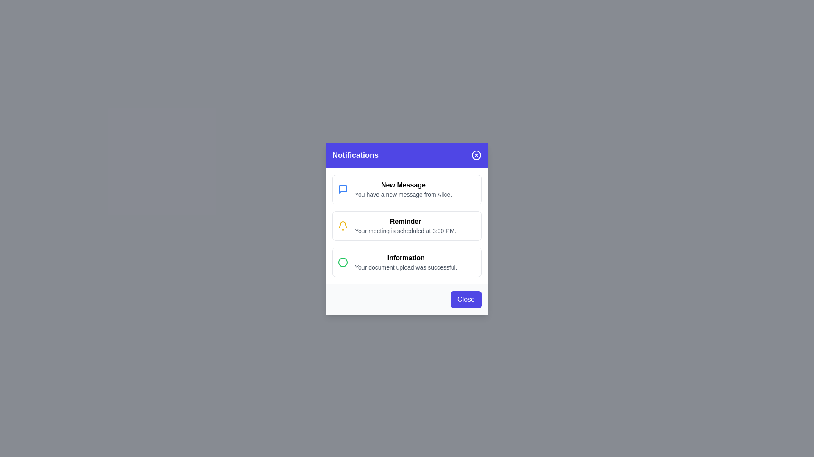 This screenshot has width=814, height=457. Describe the element at coordinates (407, 225) in the screenshot. I see `the content of the notification message with title 'Reminder'` at that location.